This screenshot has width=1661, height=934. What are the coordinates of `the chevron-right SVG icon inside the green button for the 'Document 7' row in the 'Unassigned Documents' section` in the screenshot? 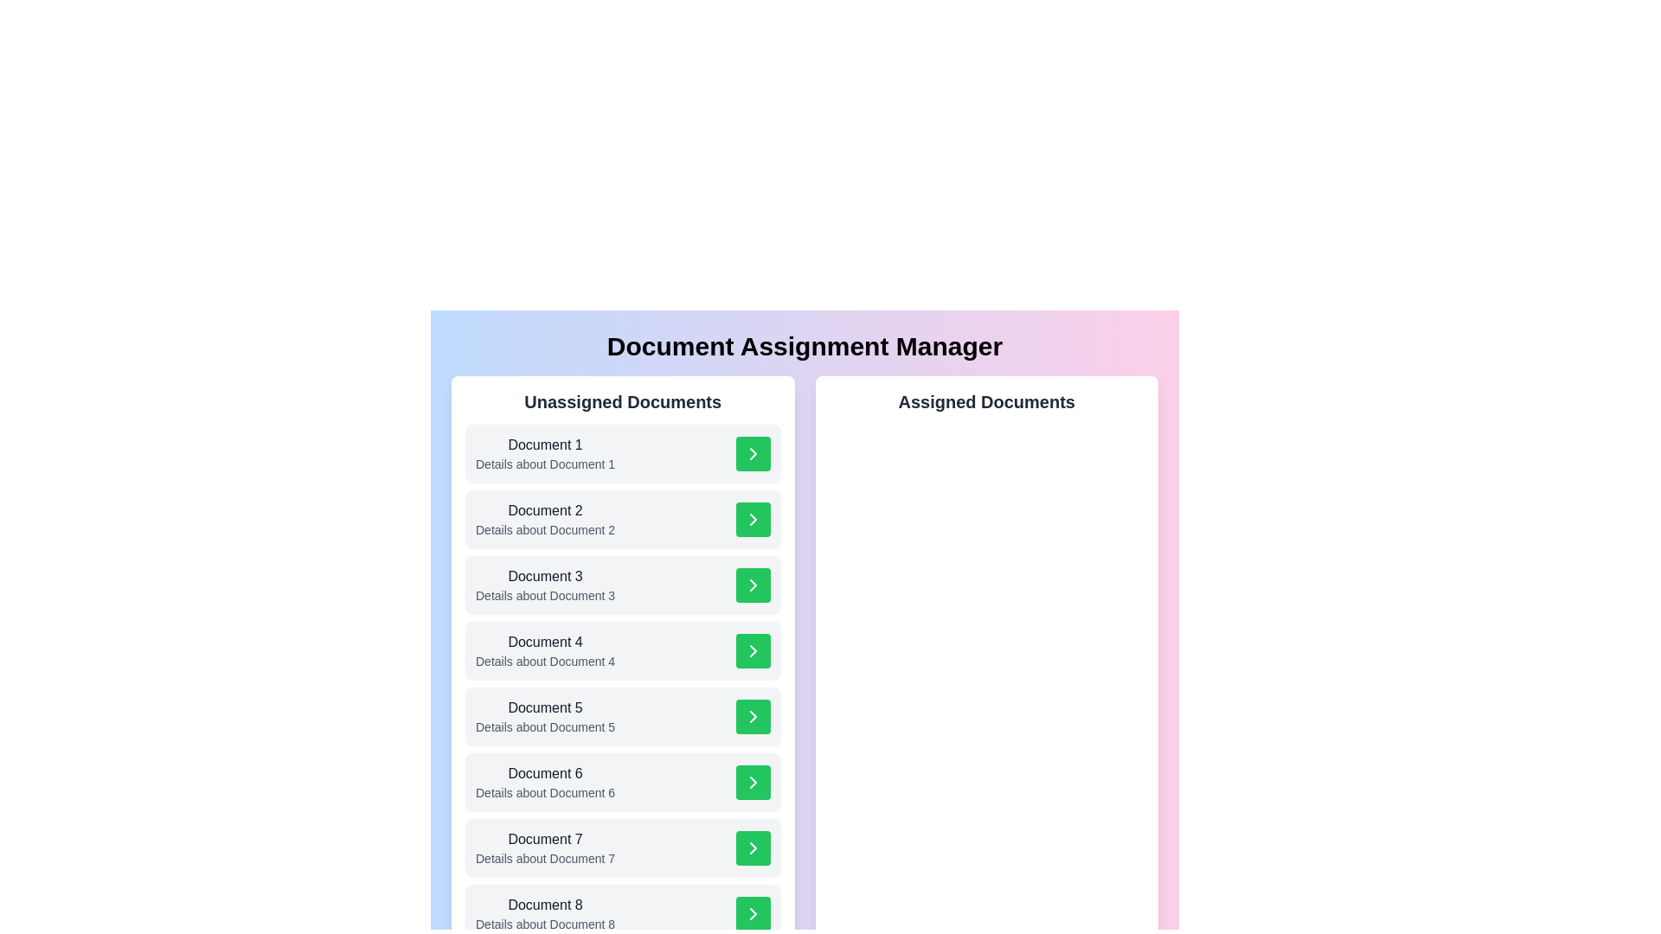 It's located at (753, 847).